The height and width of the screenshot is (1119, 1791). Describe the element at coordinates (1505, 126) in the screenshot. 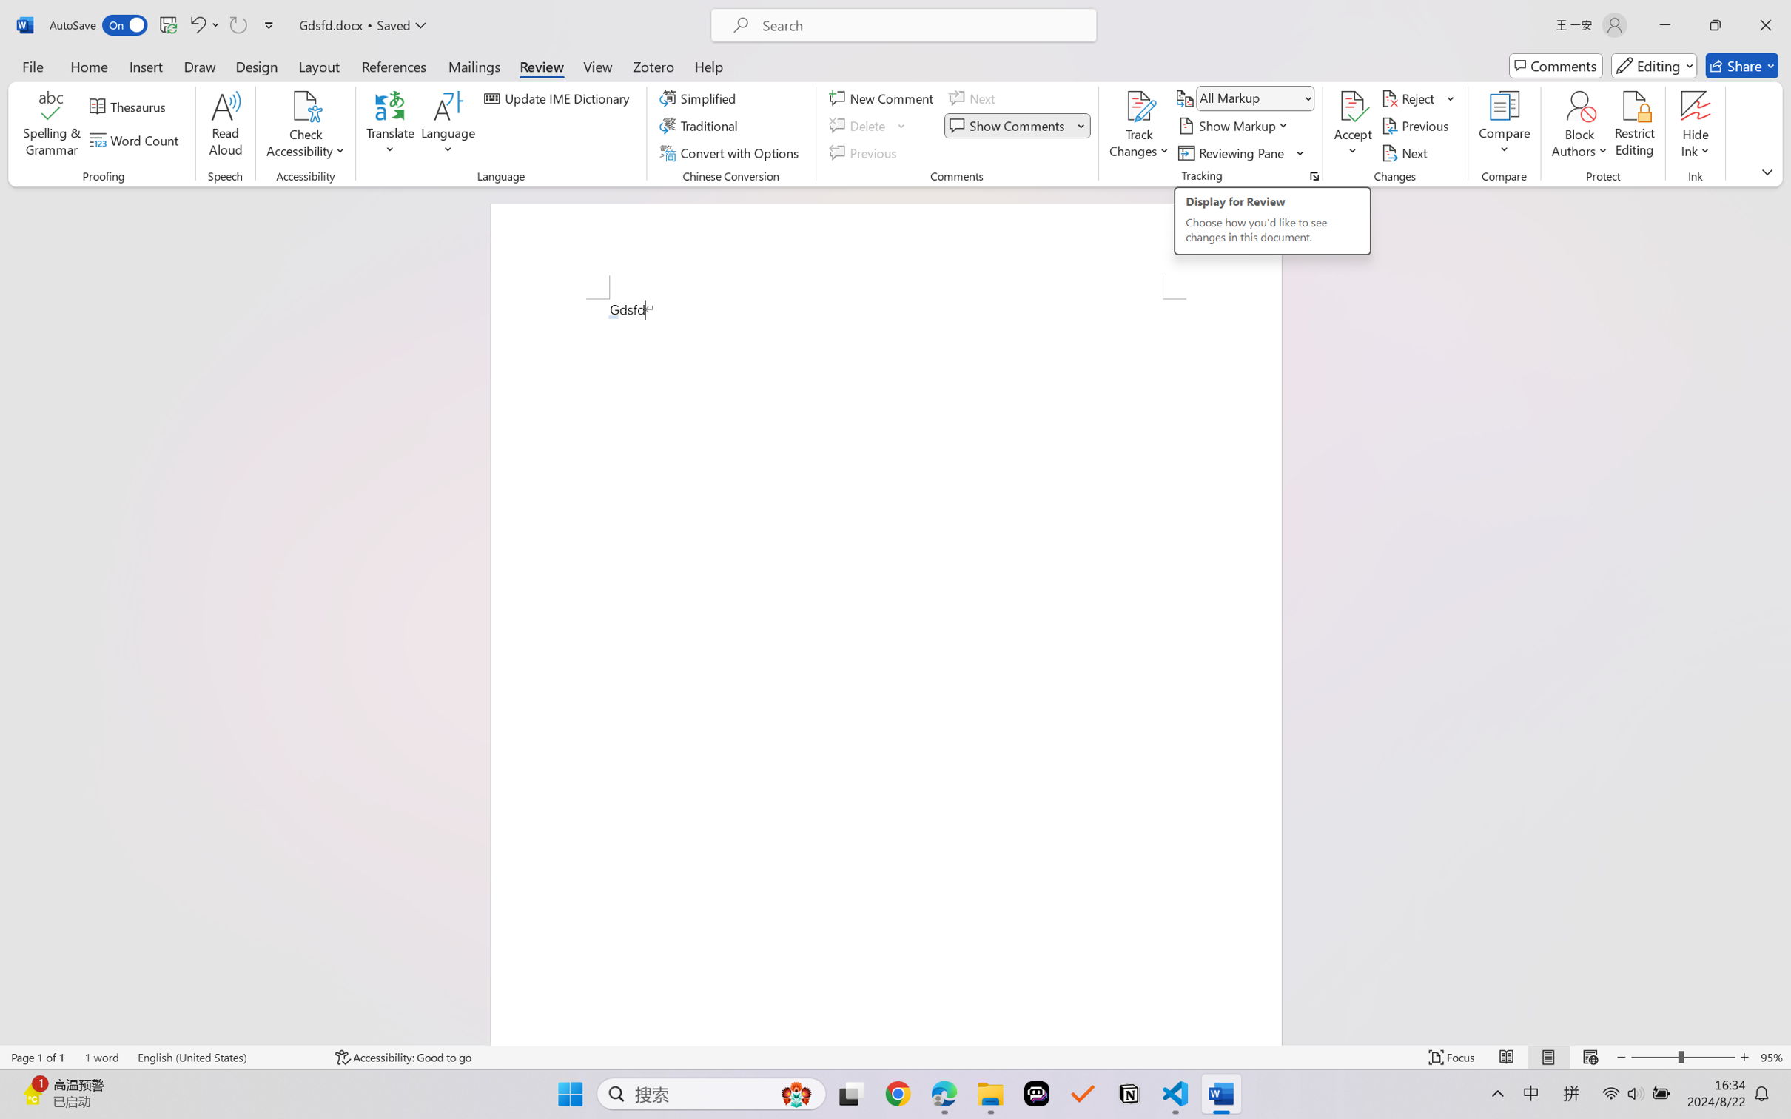

I see `'Compare'` at that location.